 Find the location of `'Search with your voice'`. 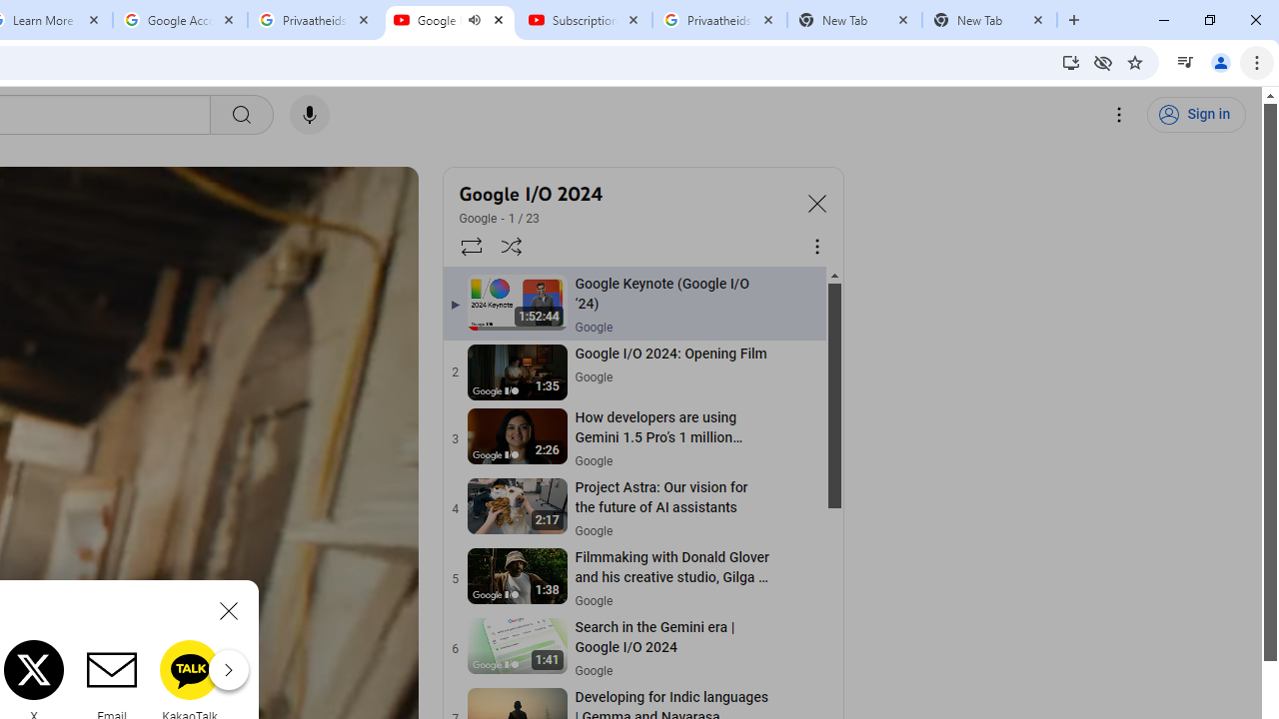

'Search with your voice' is located at coordinates (308, 115).